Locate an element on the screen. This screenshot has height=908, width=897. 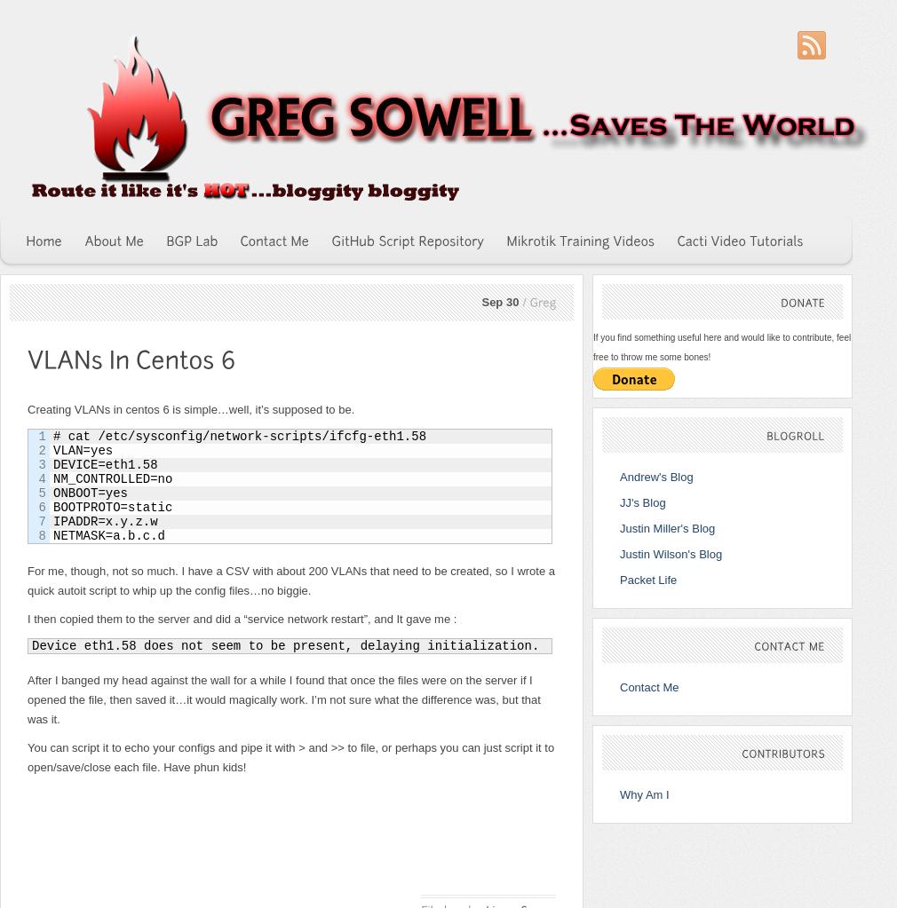
'Contact Me' is located at coordinates (648, 686).